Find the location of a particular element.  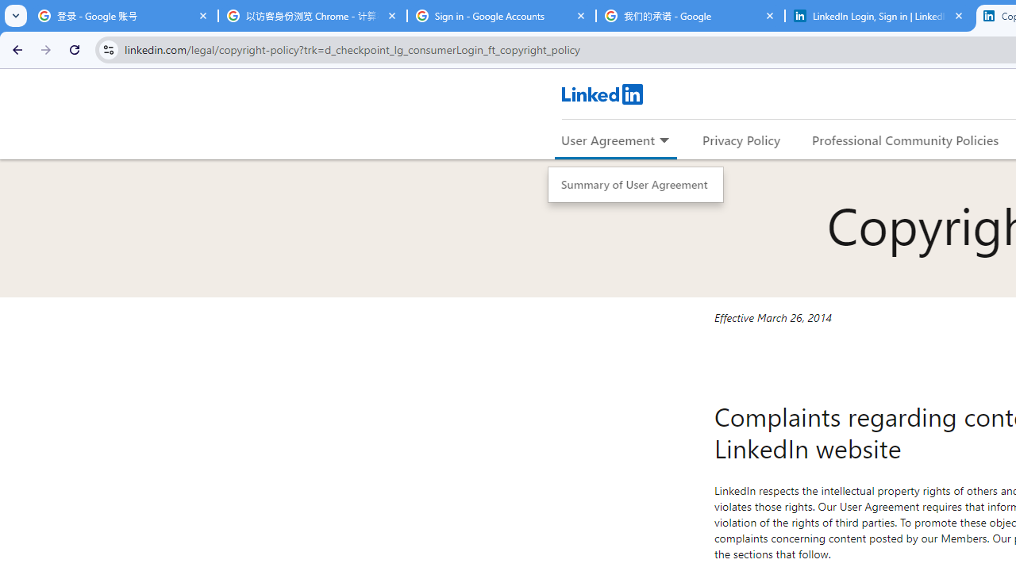

'Professional Community Policies' is located at coordinates (906, 139).